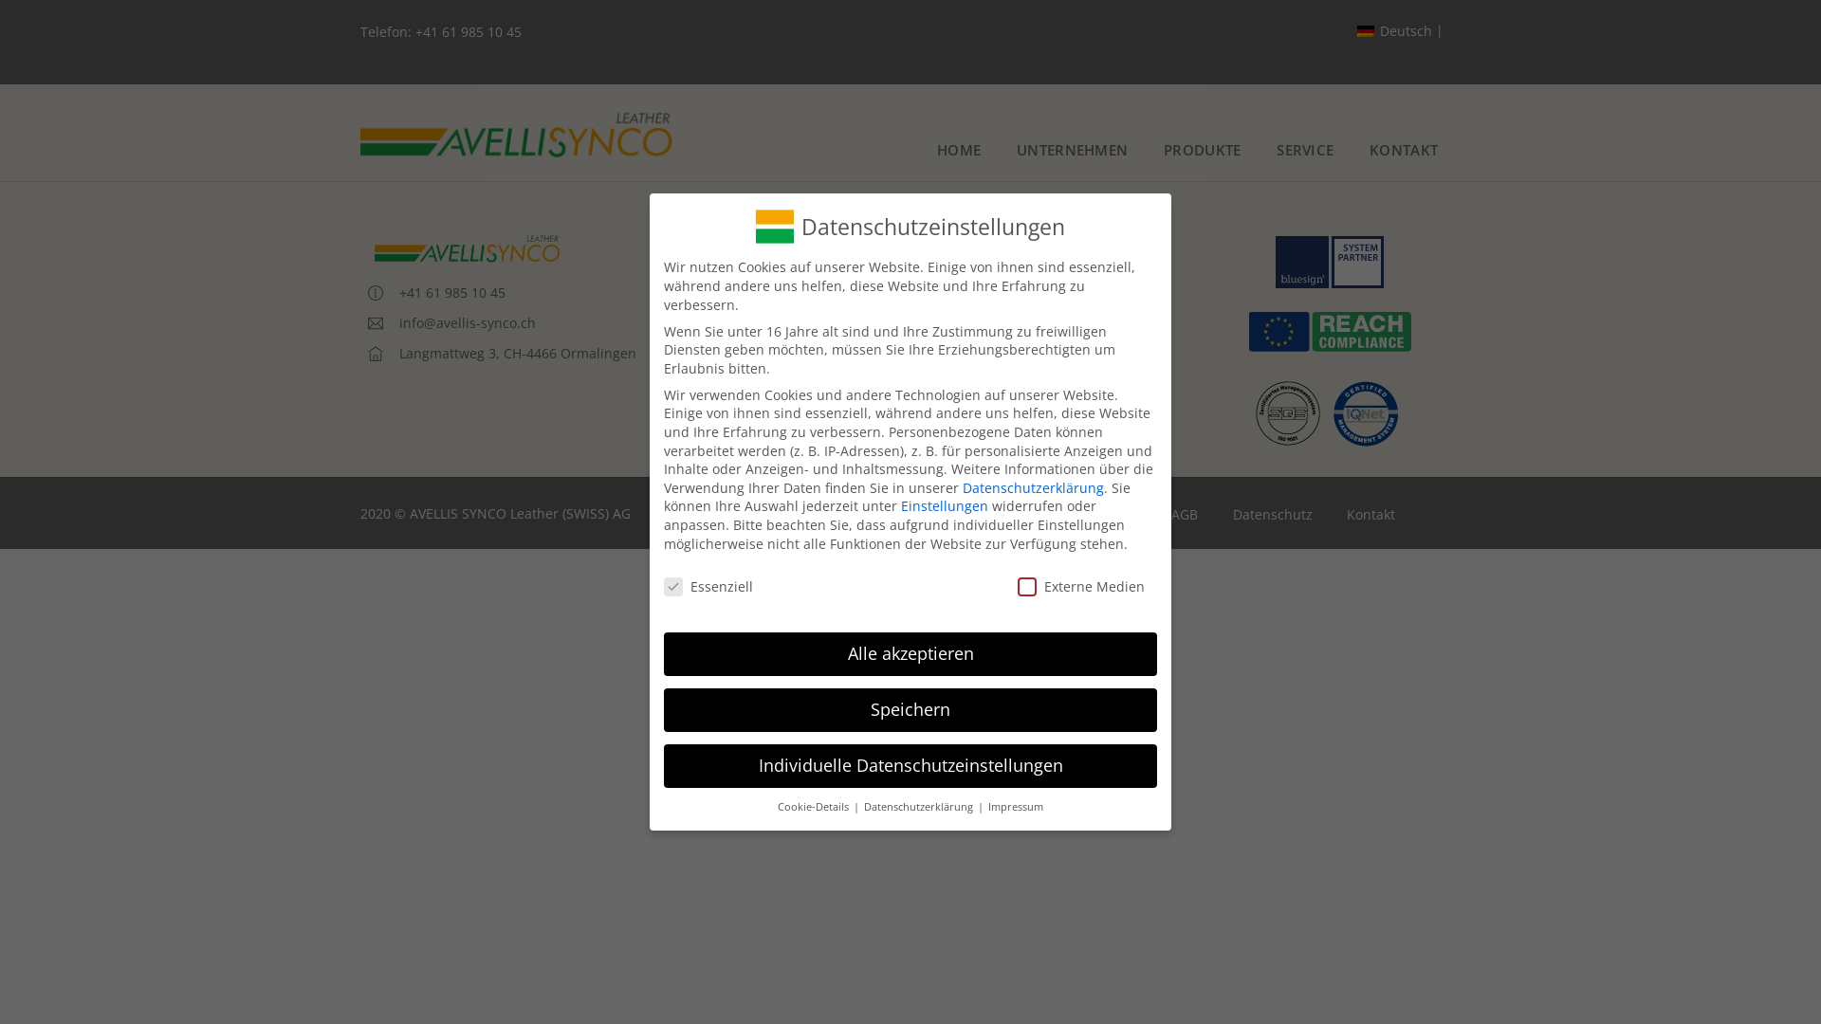 The width and height of the screenshot is (1821, 1024). I want to click on 'Deutsch', so click(1400, 31).